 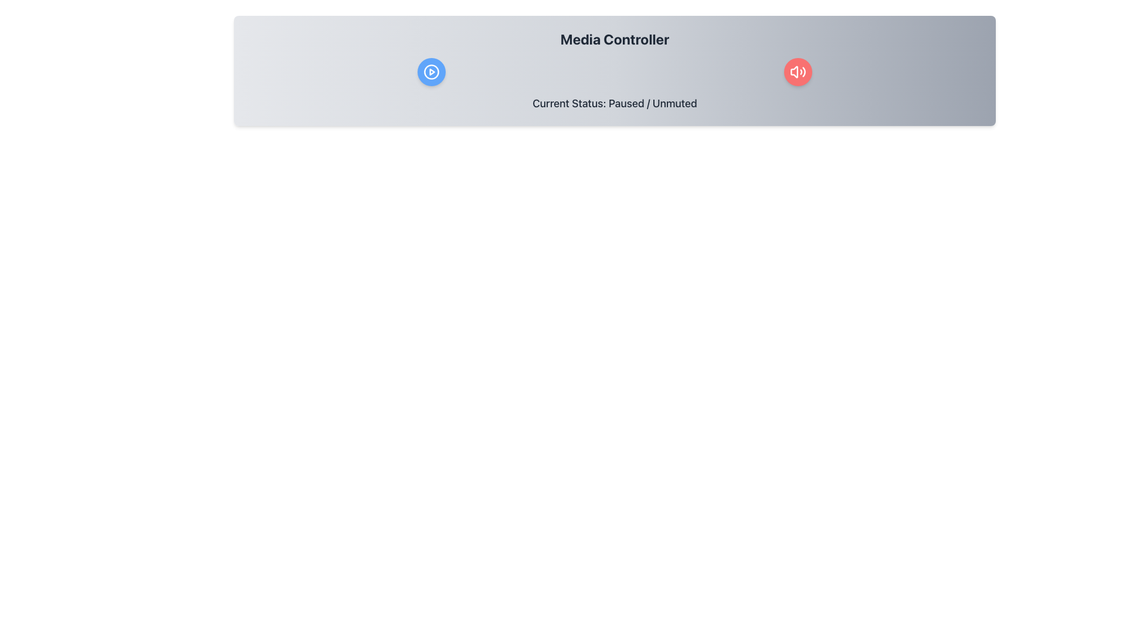 I want to click on the circular blue button with a white play icon, so click(x=430, y=72).